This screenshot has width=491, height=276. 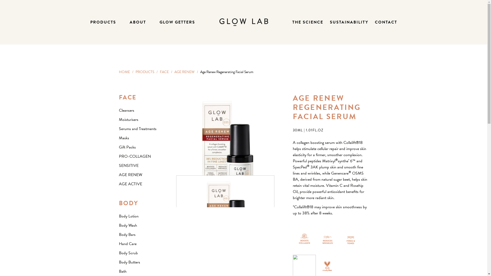 I want to click on 'Bath', so click(x=122, y=271).